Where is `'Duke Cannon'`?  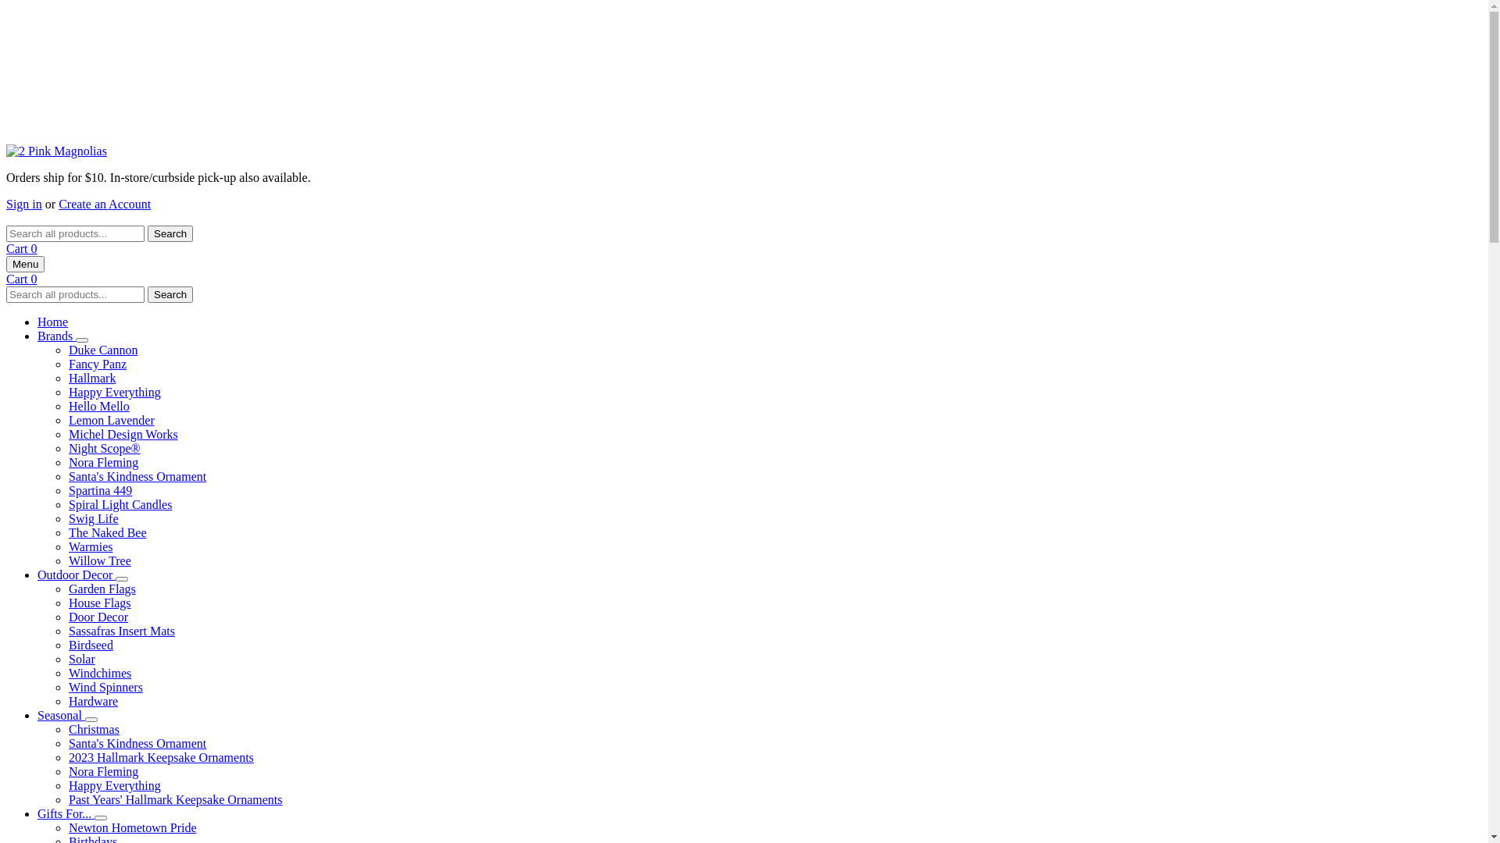 'Duke Cannon' is located at coordinates (102, 349).